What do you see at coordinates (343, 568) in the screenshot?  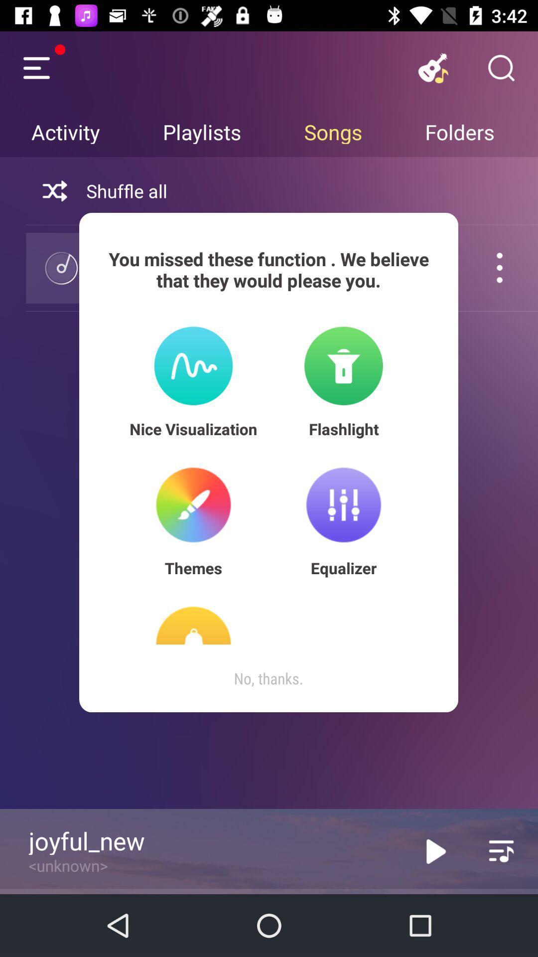 I see `equalizer icon` at bounding box center [343, 568].